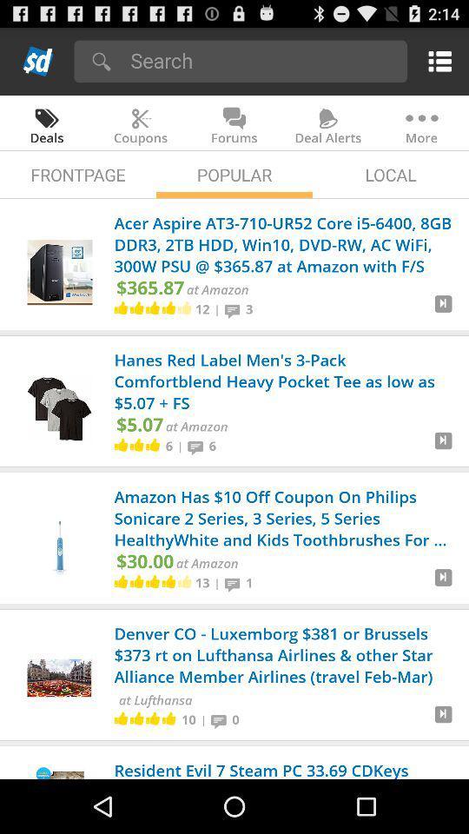  What do you see at coordinates (443, 584) in the screenshot?
I see `amazon` at bounding box center [443, 584].